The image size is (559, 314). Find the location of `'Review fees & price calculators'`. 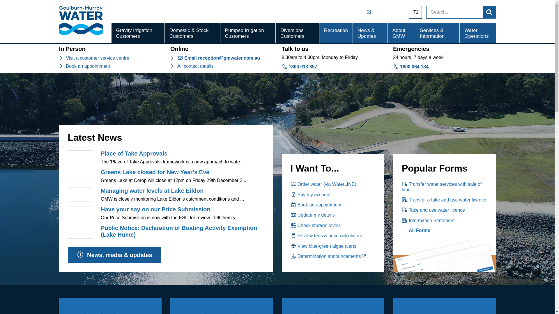

'Review fees & price calculators' is located at coordinates (326, 235).